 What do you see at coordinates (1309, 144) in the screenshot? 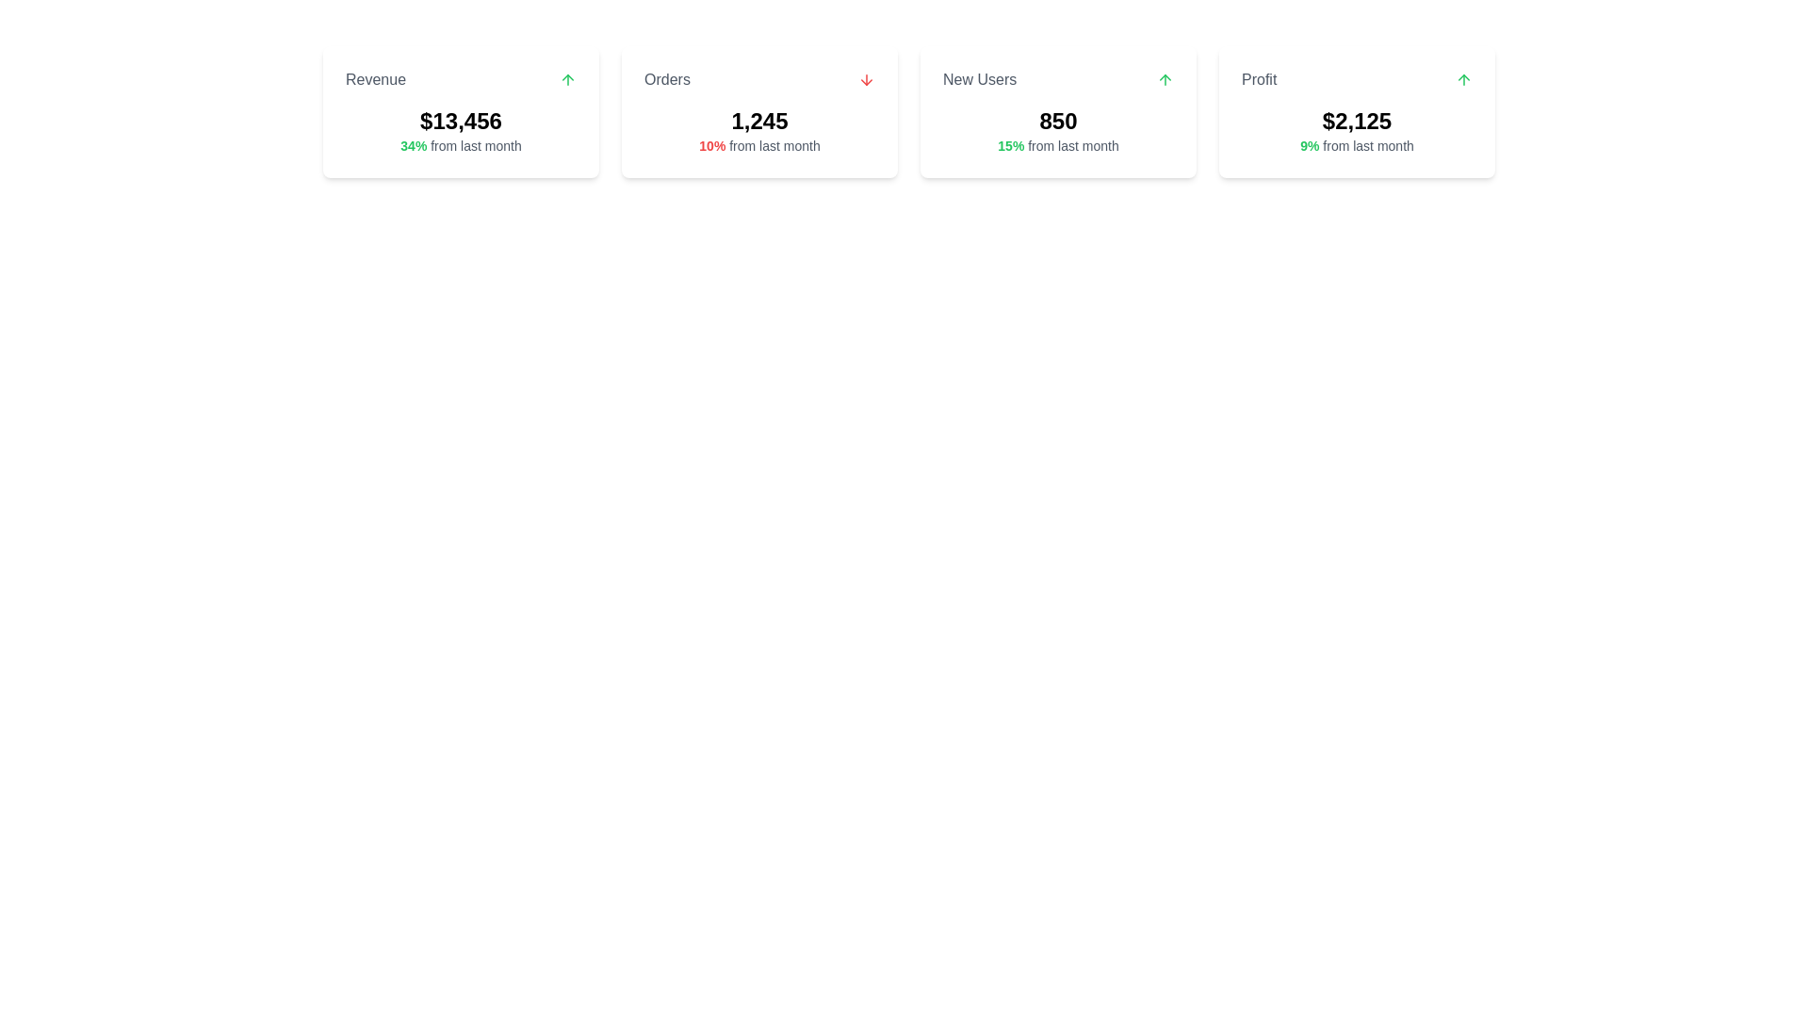
I see `the Statistical data text that displays the percentage change in profit, located in the 'Profit' section on the rightmost card of the summary cards` at bounding box center [1309, 144].